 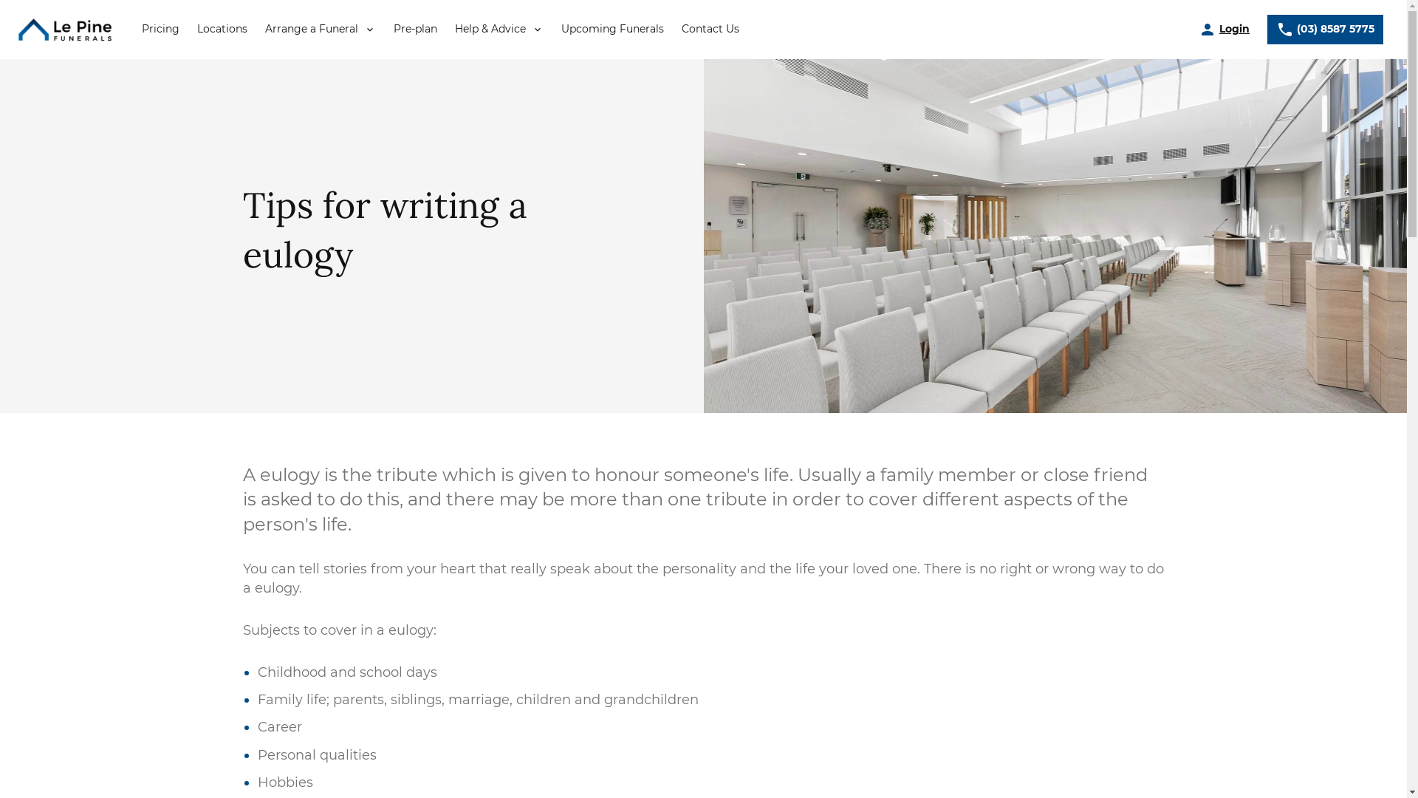 What do you see at coordinates (18, 29) in the screenshot?
I see `'Return to le-pine home page'` at bounding box center [18, 29].